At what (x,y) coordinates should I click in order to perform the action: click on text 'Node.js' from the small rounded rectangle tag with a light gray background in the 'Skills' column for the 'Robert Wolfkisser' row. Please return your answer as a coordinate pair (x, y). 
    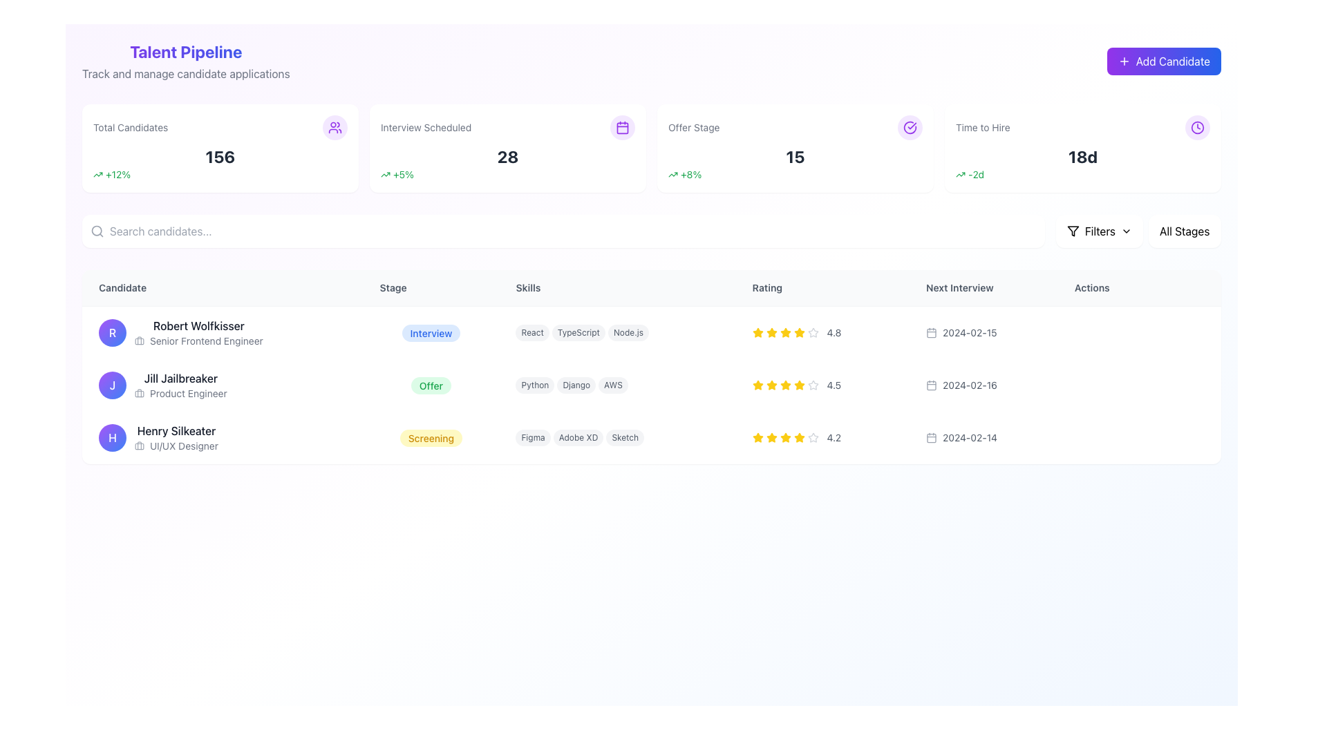
    Looking at the image, I should click on (628, 333).